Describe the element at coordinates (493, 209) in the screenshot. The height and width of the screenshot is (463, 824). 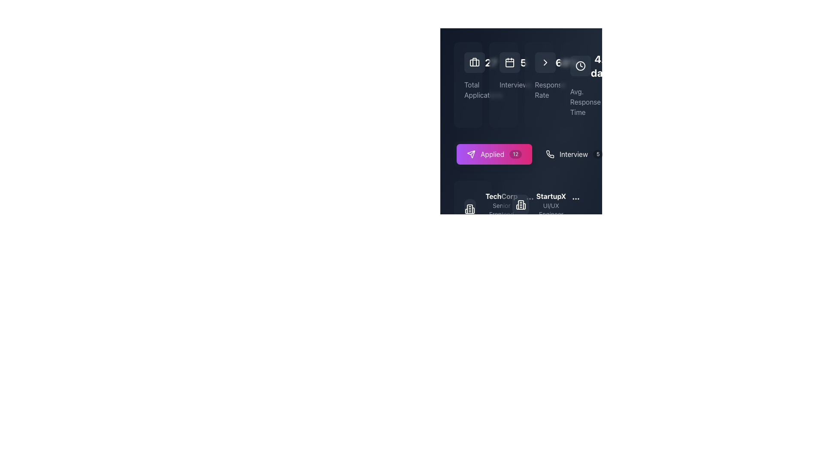
I see `the List Item displaying 'TechCorp'` at that location.